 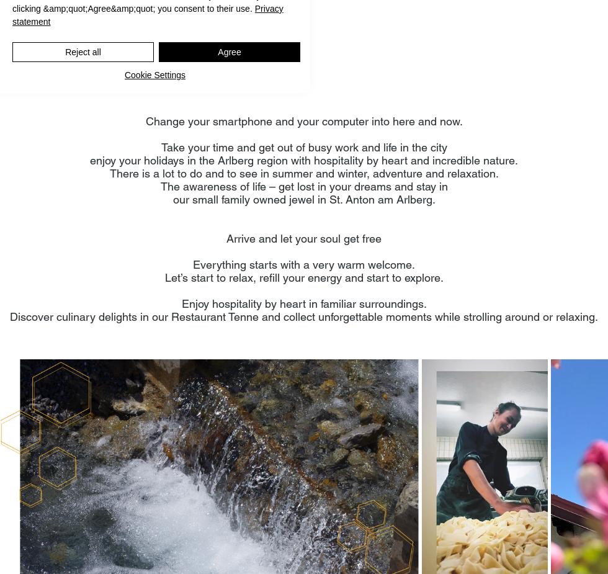 I want to click on 'Let’s start to relax, refill your energy and start to explore.', so click(x=303, y=277).